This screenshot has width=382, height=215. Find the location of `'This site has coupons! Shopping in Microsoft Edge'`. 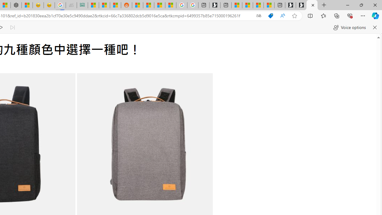

'This site has coupons! Shopping in Microsoft Edge' is located at coordinates (270, 16).